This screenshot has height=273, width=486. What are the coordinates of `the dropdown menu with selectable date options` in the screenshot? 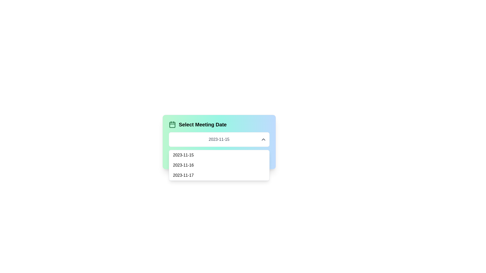 It's located at (219, 142).